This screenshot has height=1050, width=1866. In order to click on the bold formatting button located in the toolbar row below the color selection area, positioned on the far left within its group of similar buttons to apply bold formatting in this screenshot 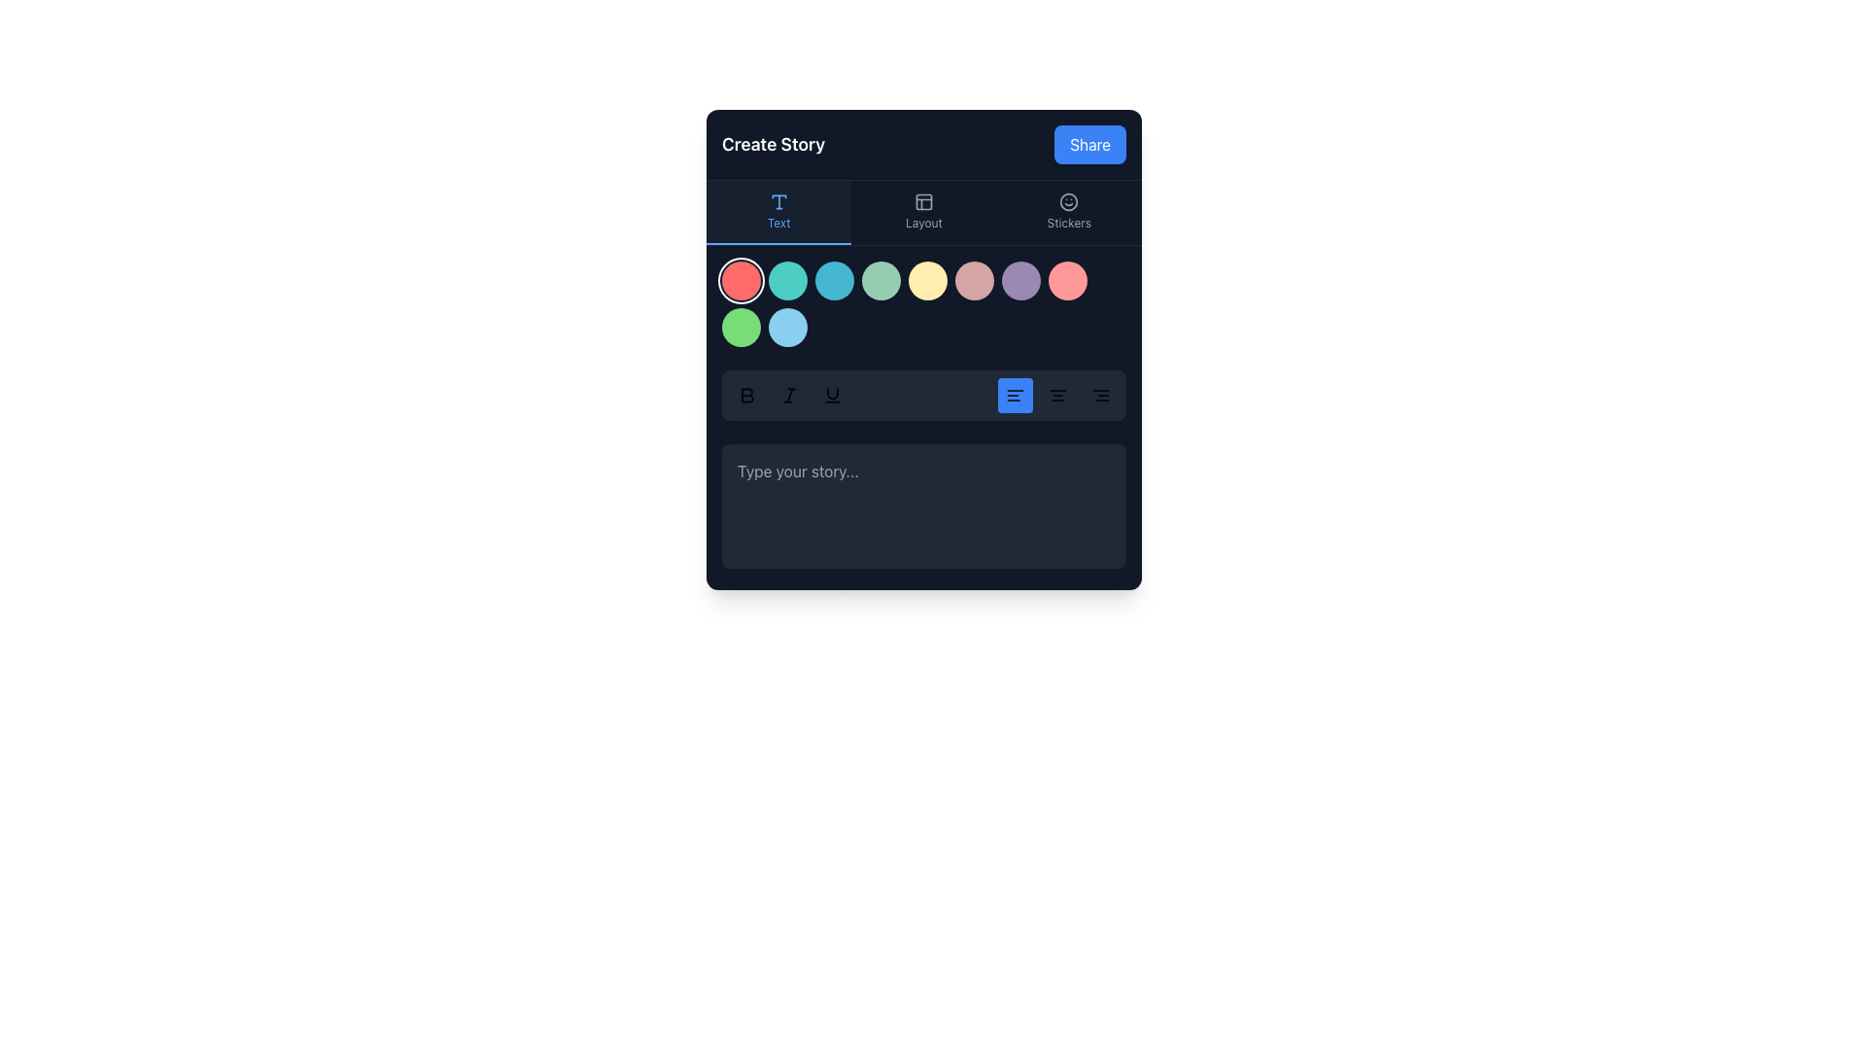, I will do `click(745, 395)`.